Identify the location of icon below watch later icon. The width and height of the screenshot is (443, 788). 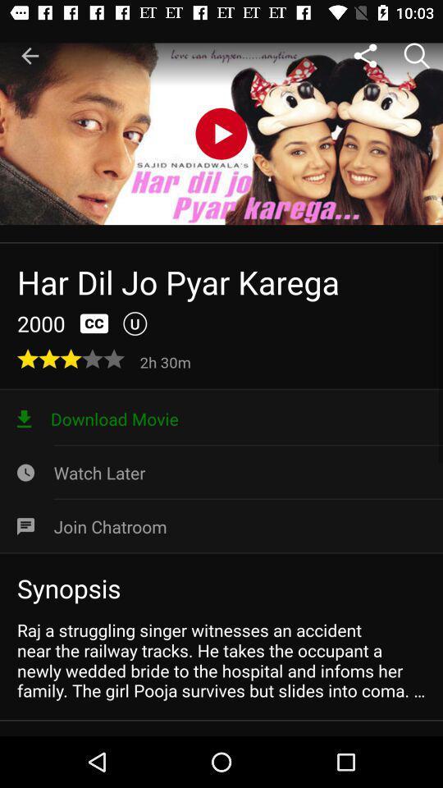
(221, 525).